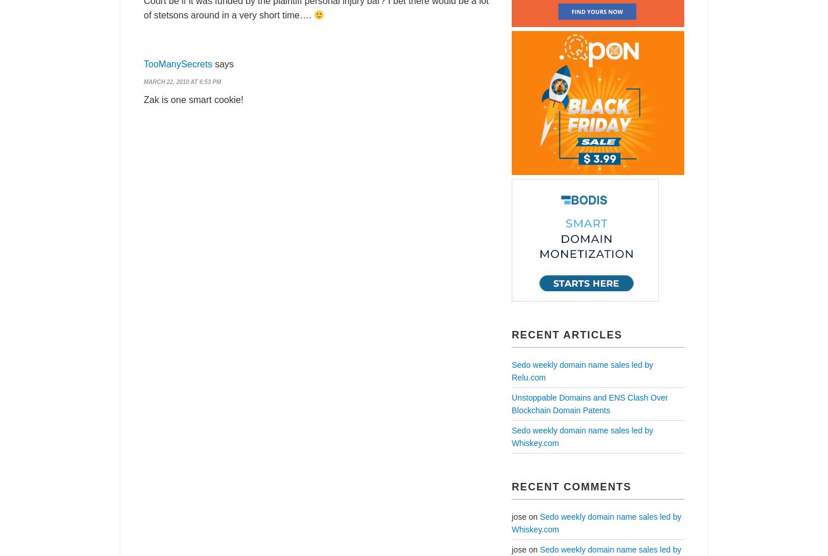  I want to click on 'Recent Articles', so click(511, 333).